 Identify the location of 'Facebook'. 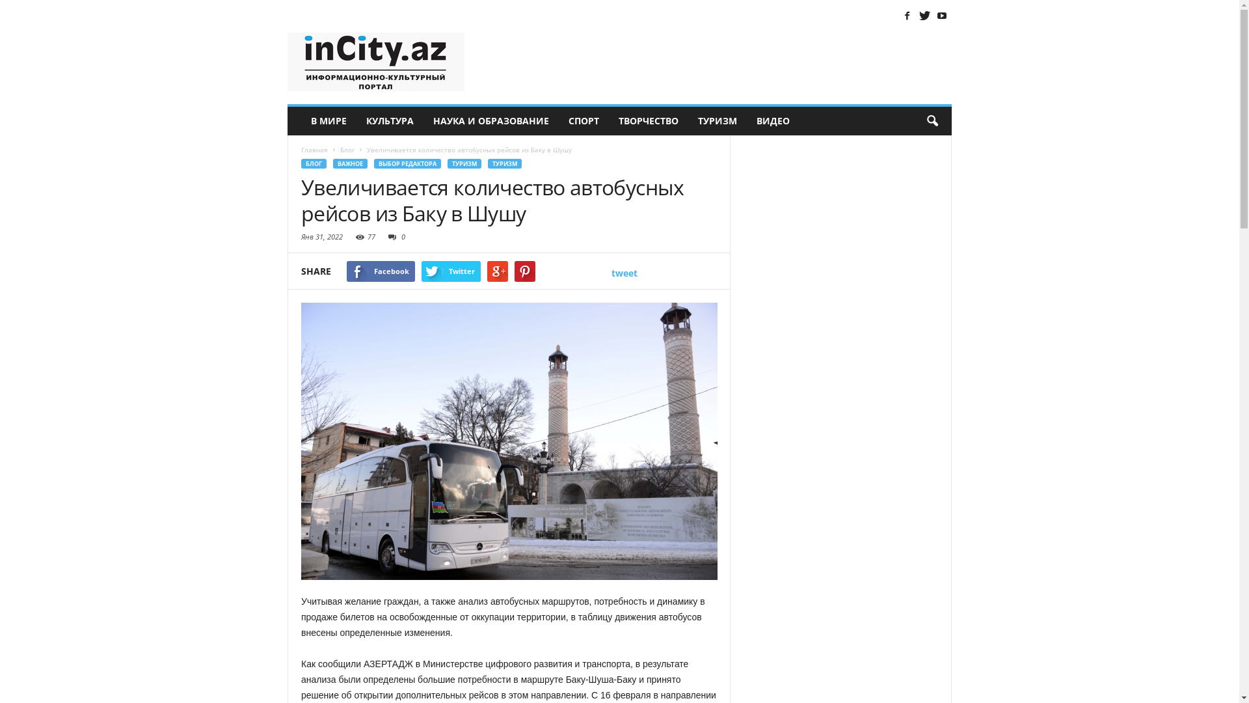
(906, 15).